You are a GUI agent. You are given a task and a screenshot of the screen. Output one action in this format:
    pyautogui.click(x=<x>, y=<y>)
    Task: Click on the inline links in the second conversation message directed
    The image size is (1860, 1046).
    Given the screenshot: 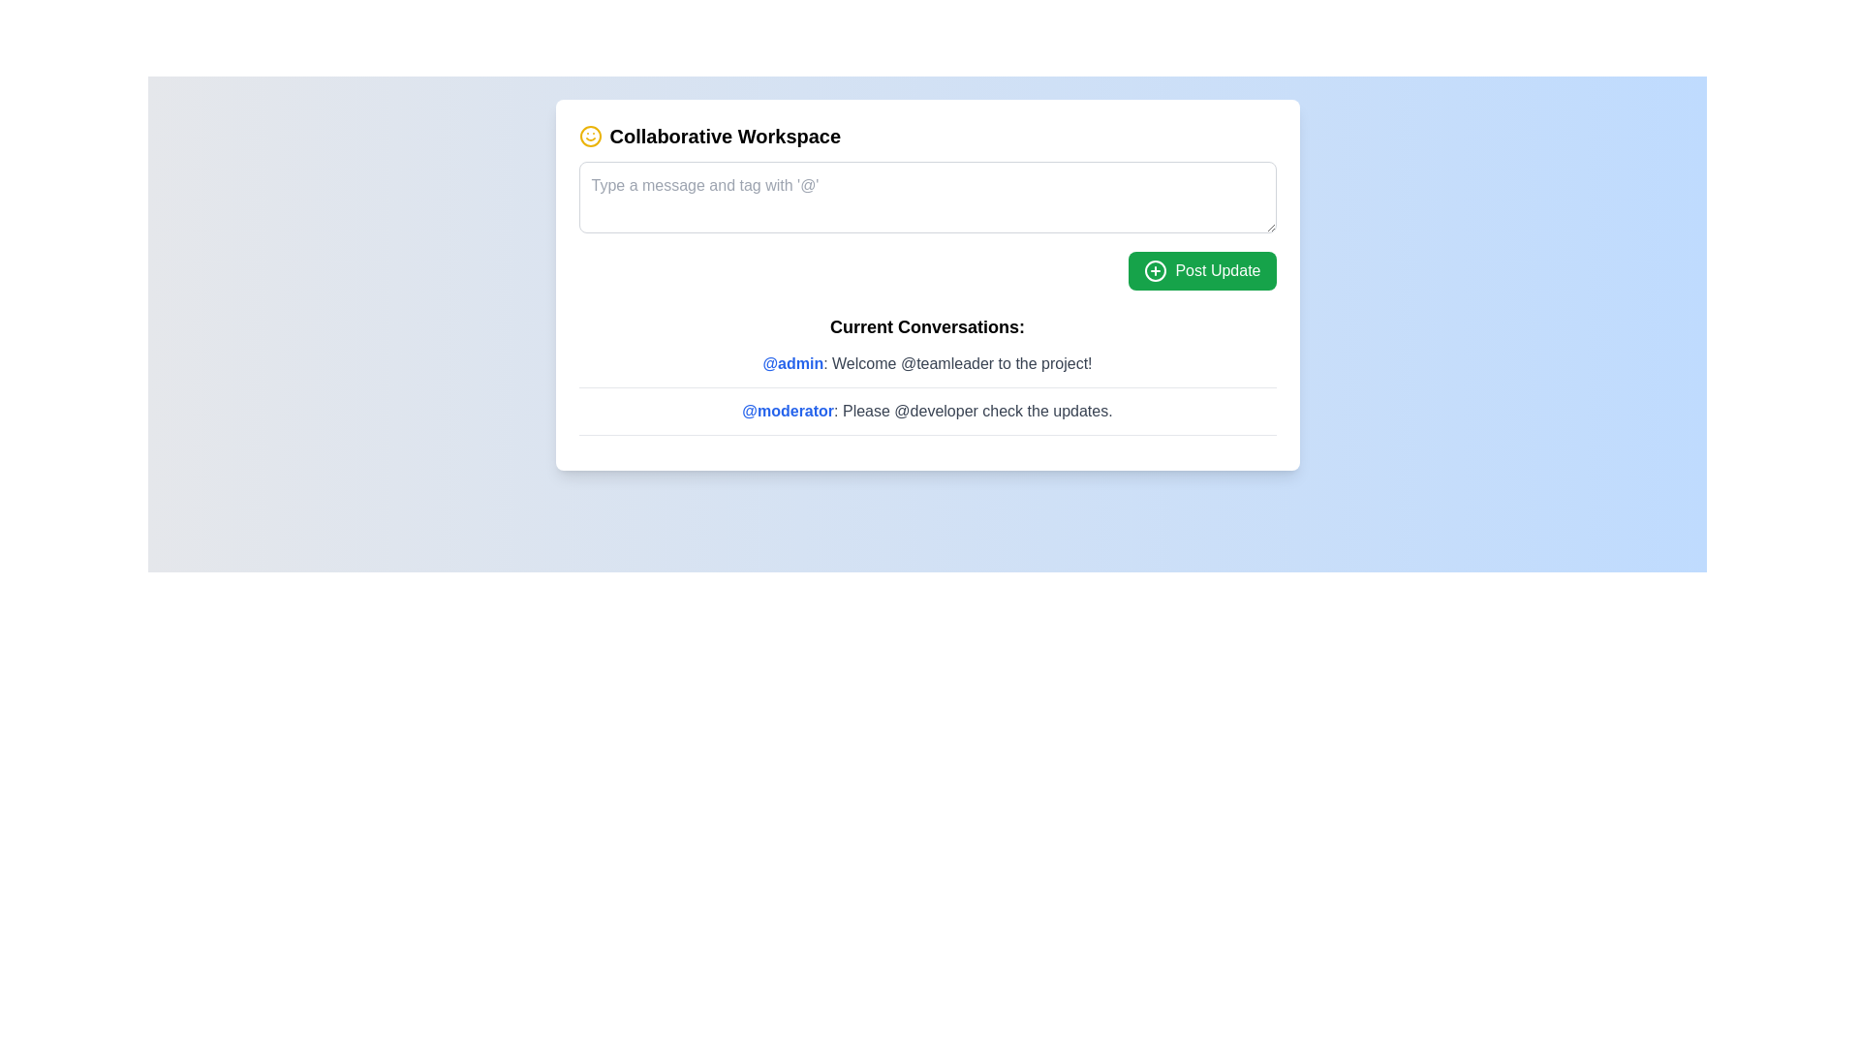 What is the action you would take?
    pyautogui.click(x=926, y=416)
    